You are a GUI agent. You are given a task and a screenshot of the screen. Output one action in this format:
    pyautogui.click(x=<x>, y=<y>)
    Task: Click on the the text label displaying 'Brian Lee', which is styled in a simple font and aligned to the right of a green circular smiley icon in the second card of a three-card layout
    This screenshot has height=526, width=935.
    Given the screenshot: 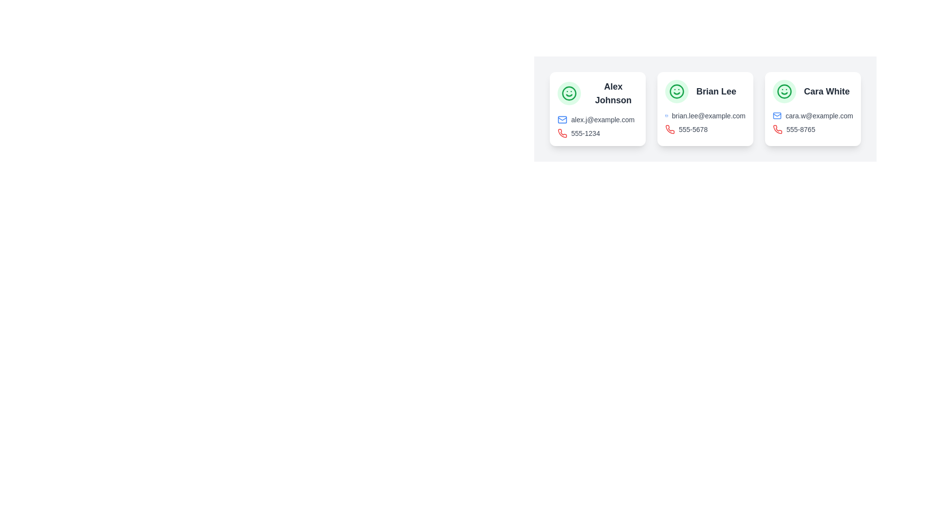 What is the action you would take?
    pyautogui.click(x=705, y=92)
    